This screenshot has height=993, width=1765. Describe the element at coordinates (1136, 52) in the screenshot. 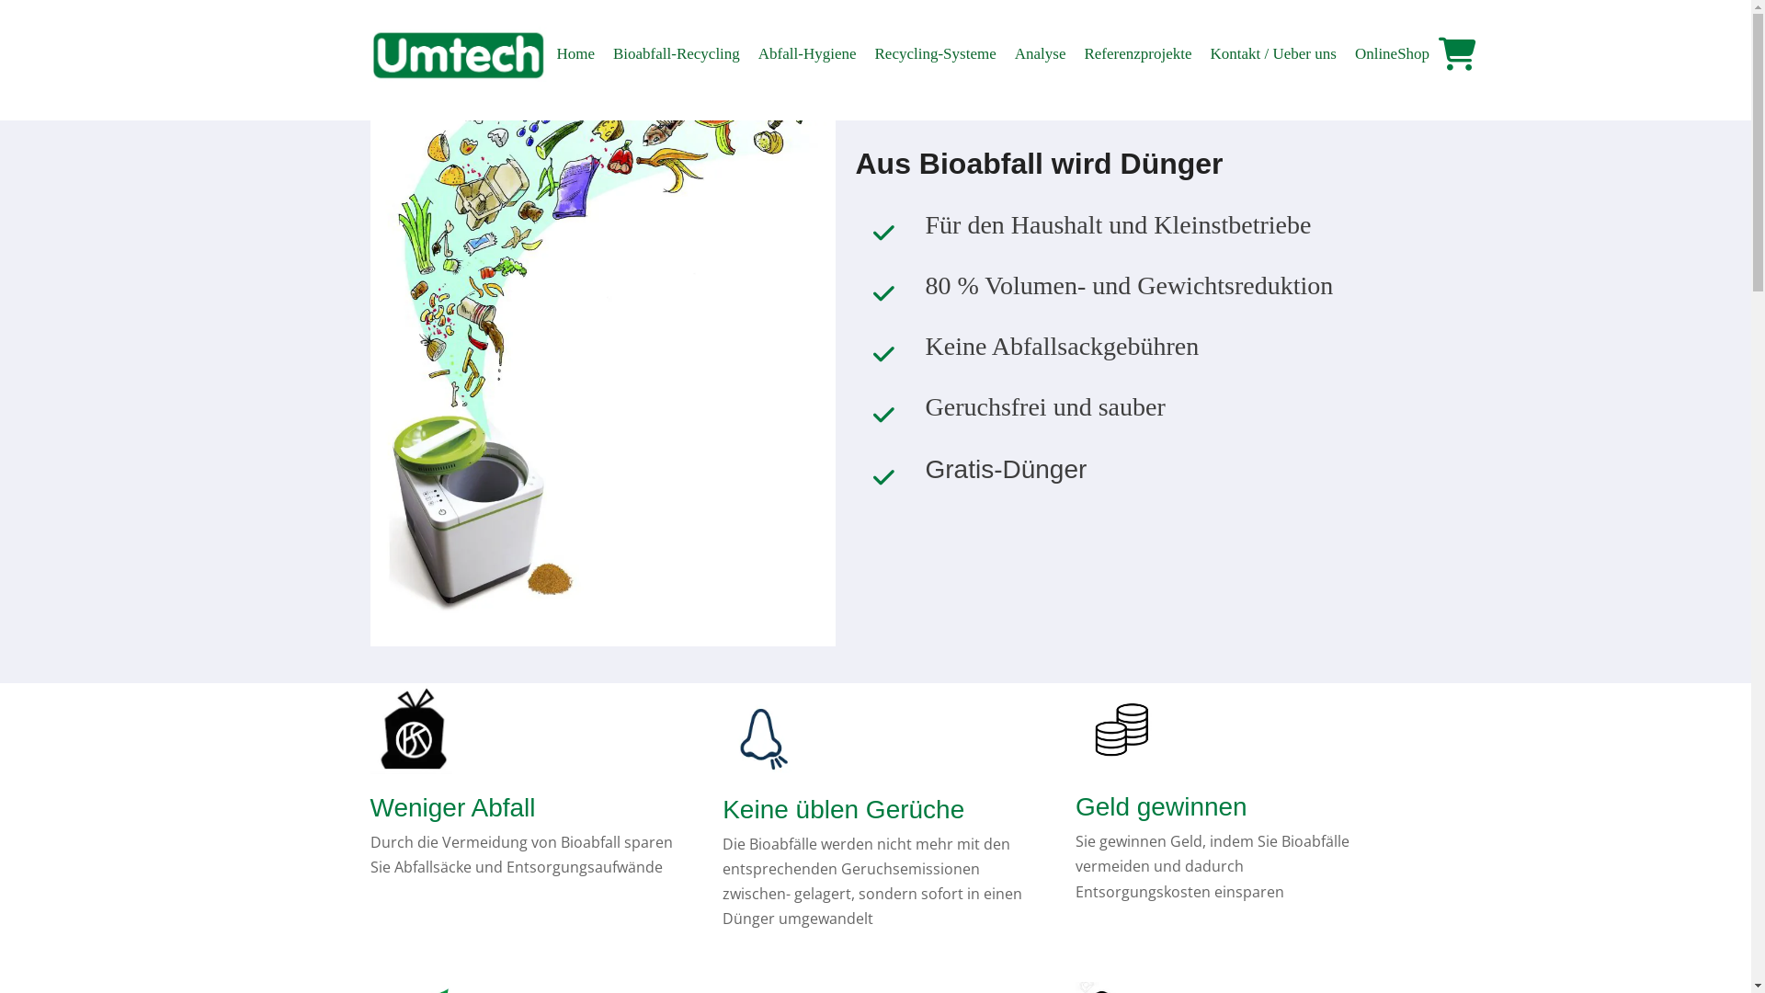

I see `'Referenzprojekte'` at that location.